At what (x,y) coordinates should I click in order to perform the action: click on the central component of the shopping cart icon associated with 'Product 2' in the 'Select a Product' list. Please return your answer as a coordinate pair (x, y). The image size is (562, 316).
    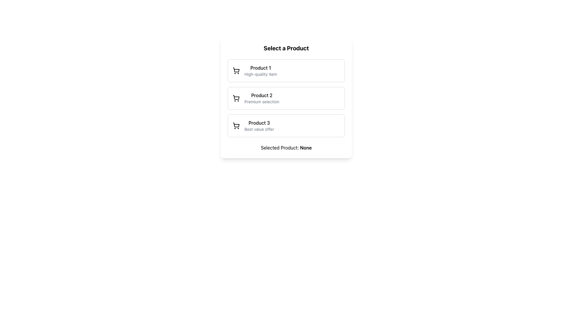
    Looking at the image, I should click on (236, 97).